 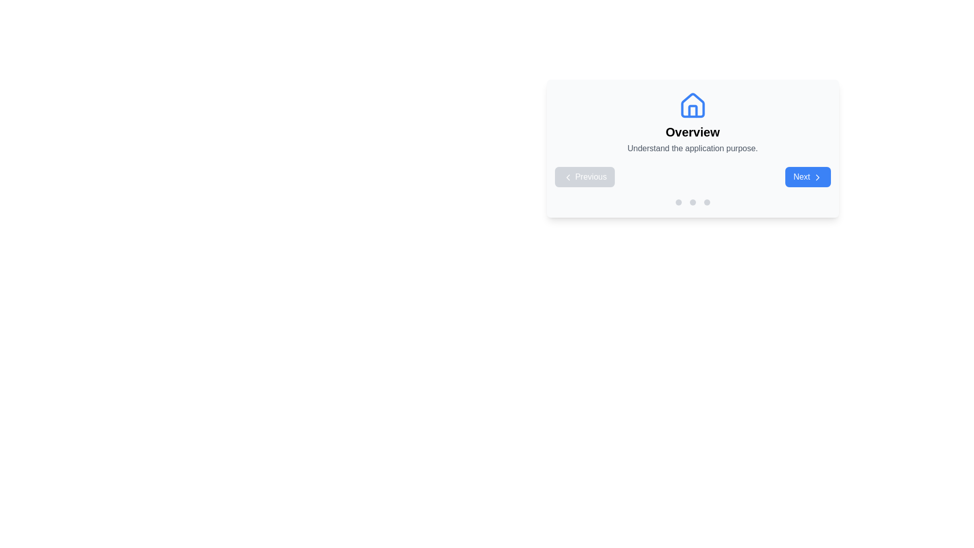 What do you see at coordinates (706, 202) in the screenshot?
I see `the third circular indicator for steps or progress, which has a gray background and rounded borders, positioned on the right side among a group of three similar indicators` at bounding box center [706, 202].